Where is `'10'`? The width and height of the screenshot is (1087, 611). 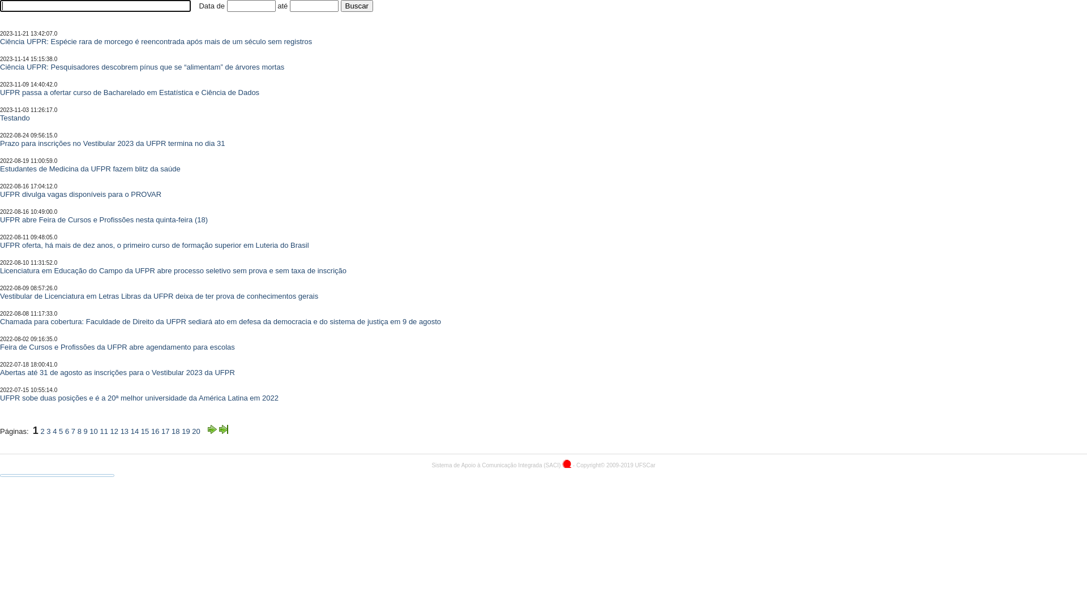
'10' is located at coordinates (93, 431).